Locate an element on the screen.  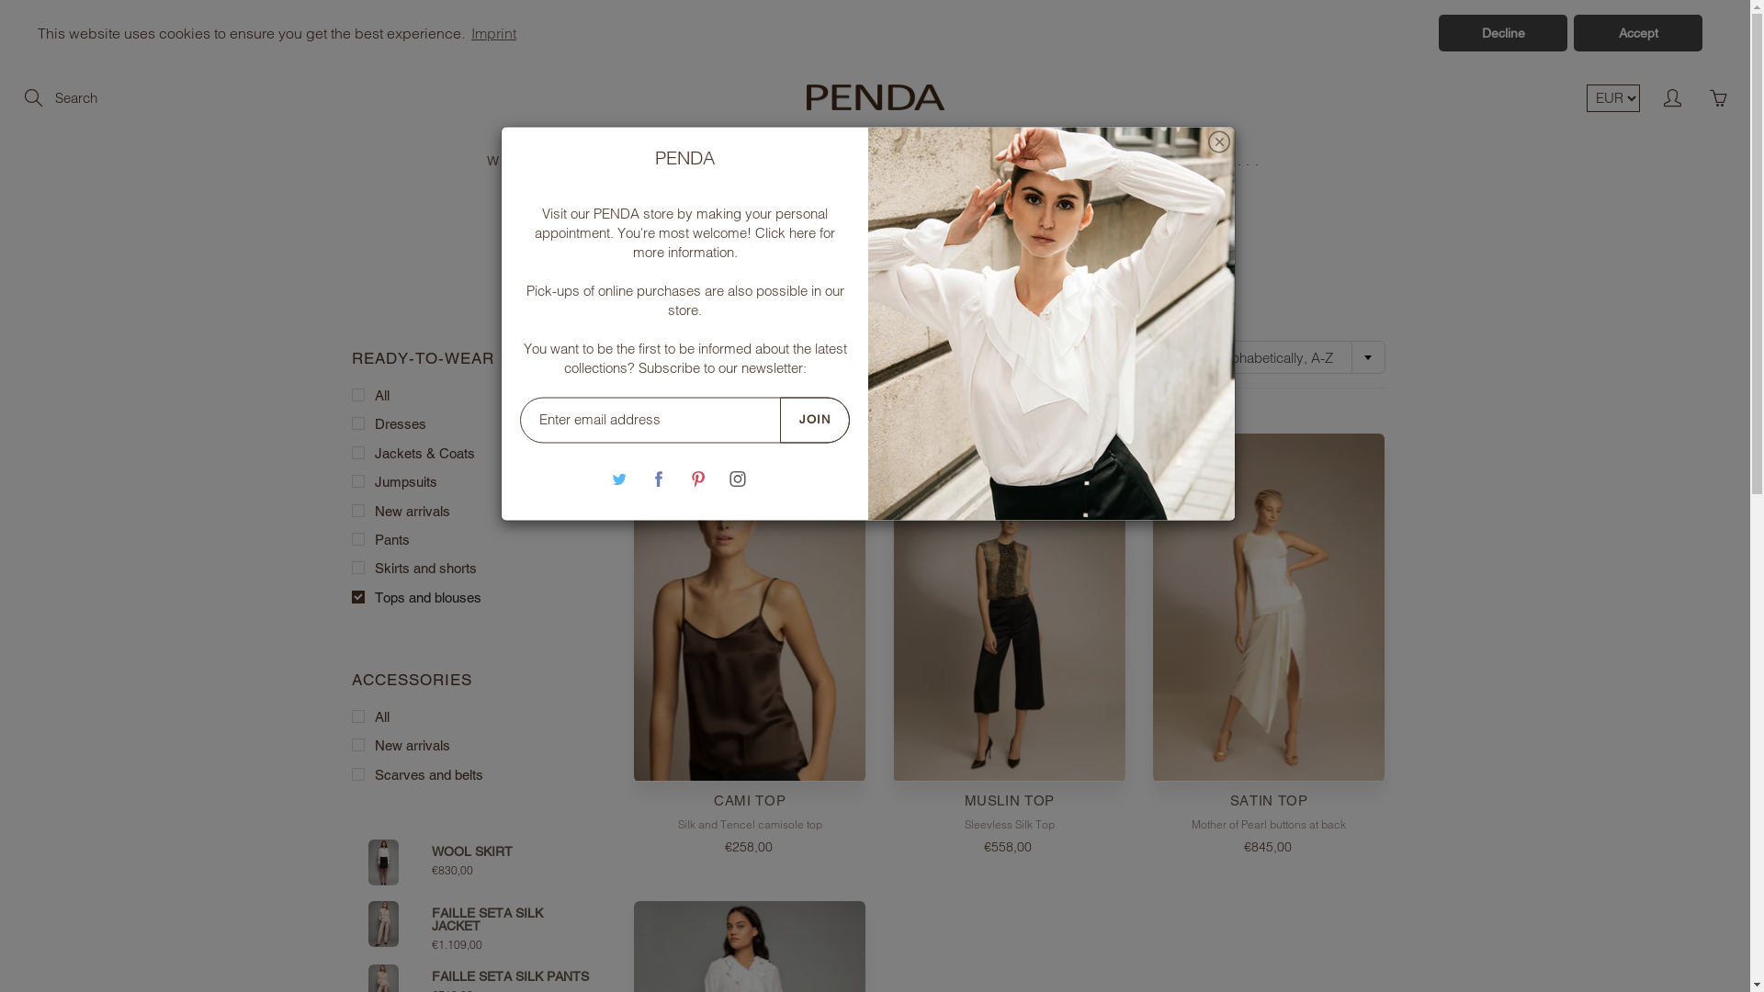
'Search' is located at coordinates (17, 98).